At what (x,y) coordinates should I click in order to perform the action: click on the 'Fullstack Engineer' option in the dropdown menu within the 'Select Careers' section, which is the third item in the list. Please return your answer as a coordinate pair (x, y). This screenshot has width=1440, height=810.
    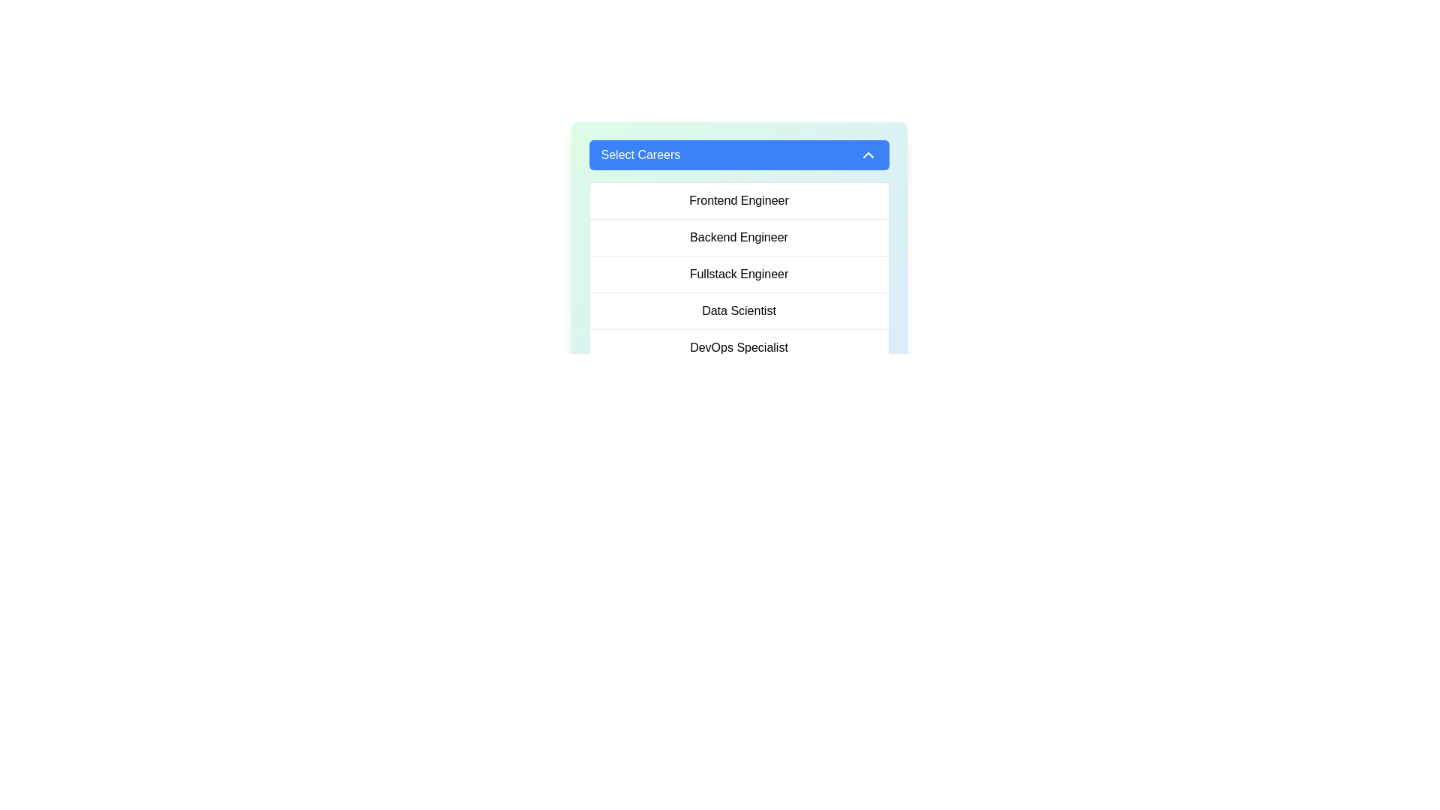
    Looking at the image, I should click on (739, 274).